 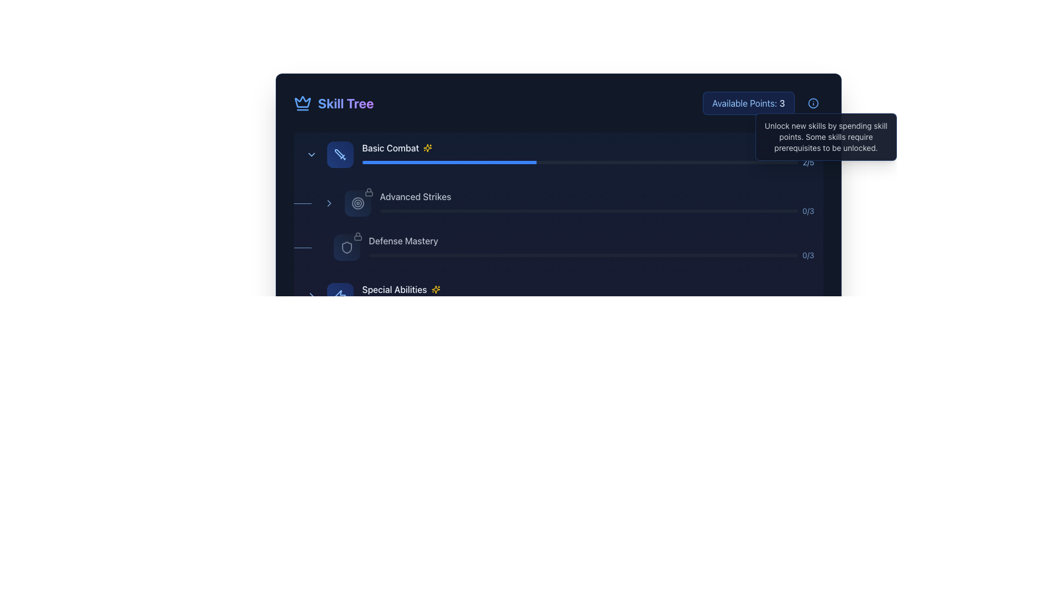 I want to click on the Progress bar for 'Basic Combat' skill located, so click(x=558, y=155).